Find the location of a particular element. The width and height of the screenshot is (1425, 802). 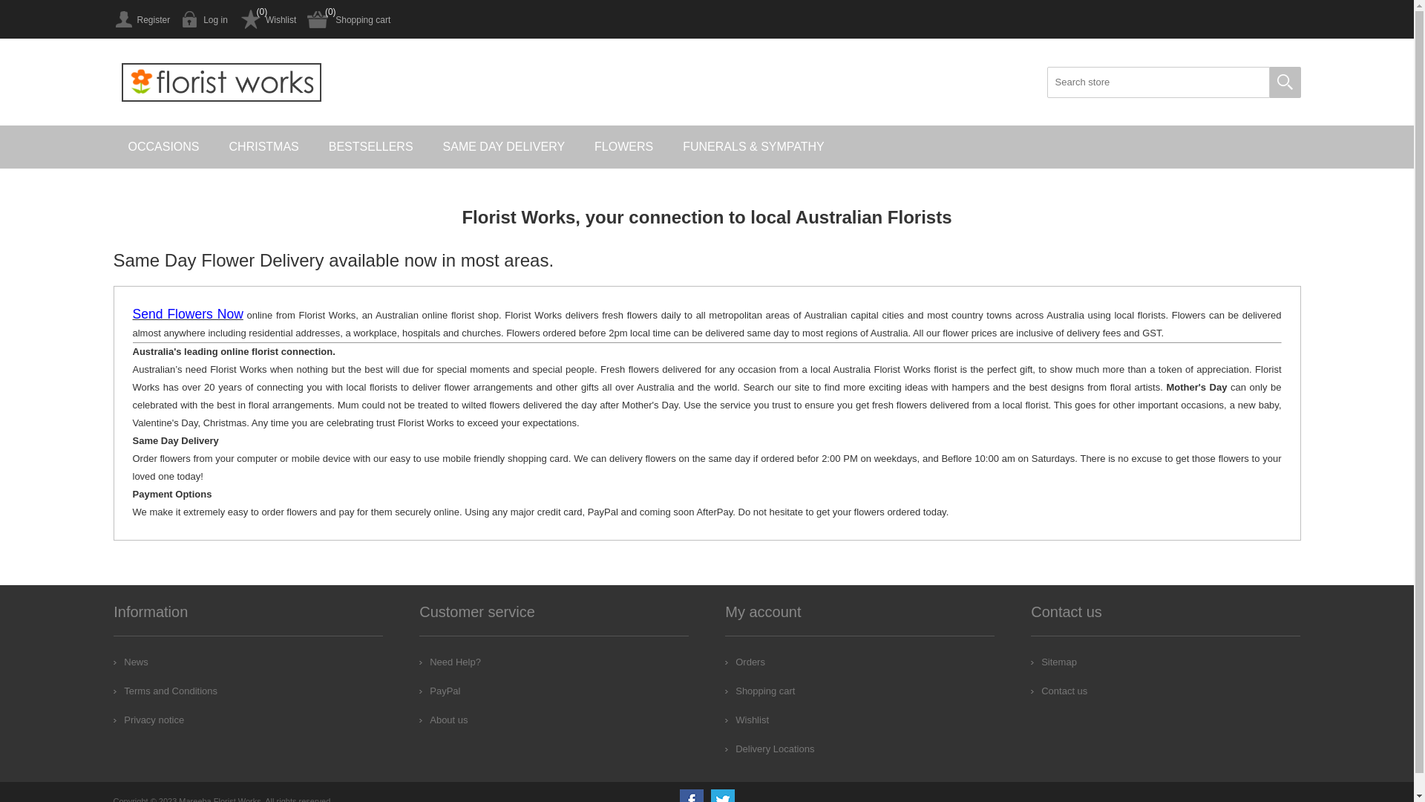

'Contact us' is located at coordinates (1058, 691).